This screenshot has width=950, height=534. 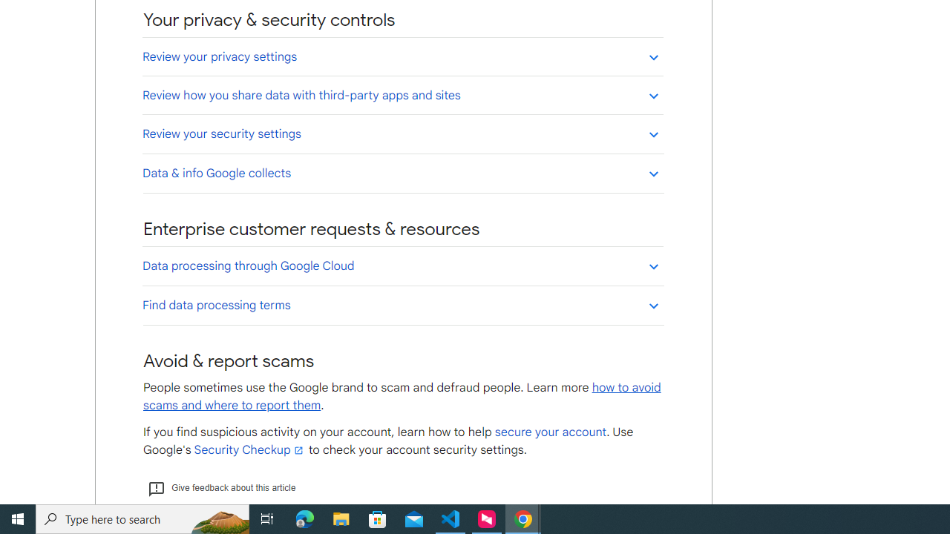 What do you see at coordinates (249, 449) in the screenshot?
I see `'Security Checkup'` at bounding box center [249, 449].